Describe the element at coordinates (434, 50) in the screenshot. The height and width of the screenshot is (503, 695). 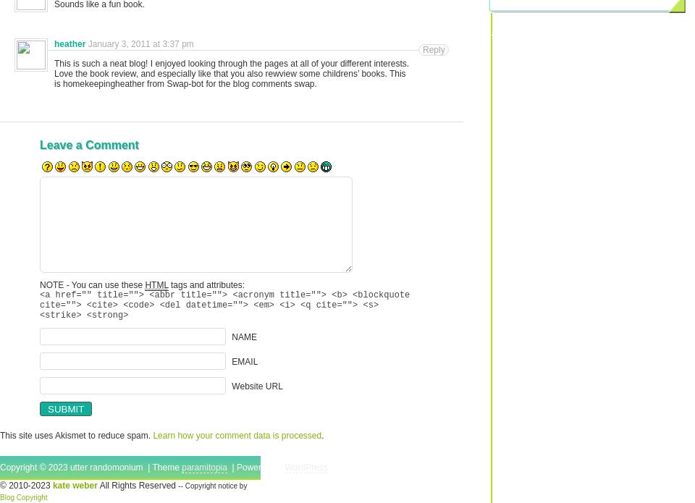
I see `'Reply'` at that location.